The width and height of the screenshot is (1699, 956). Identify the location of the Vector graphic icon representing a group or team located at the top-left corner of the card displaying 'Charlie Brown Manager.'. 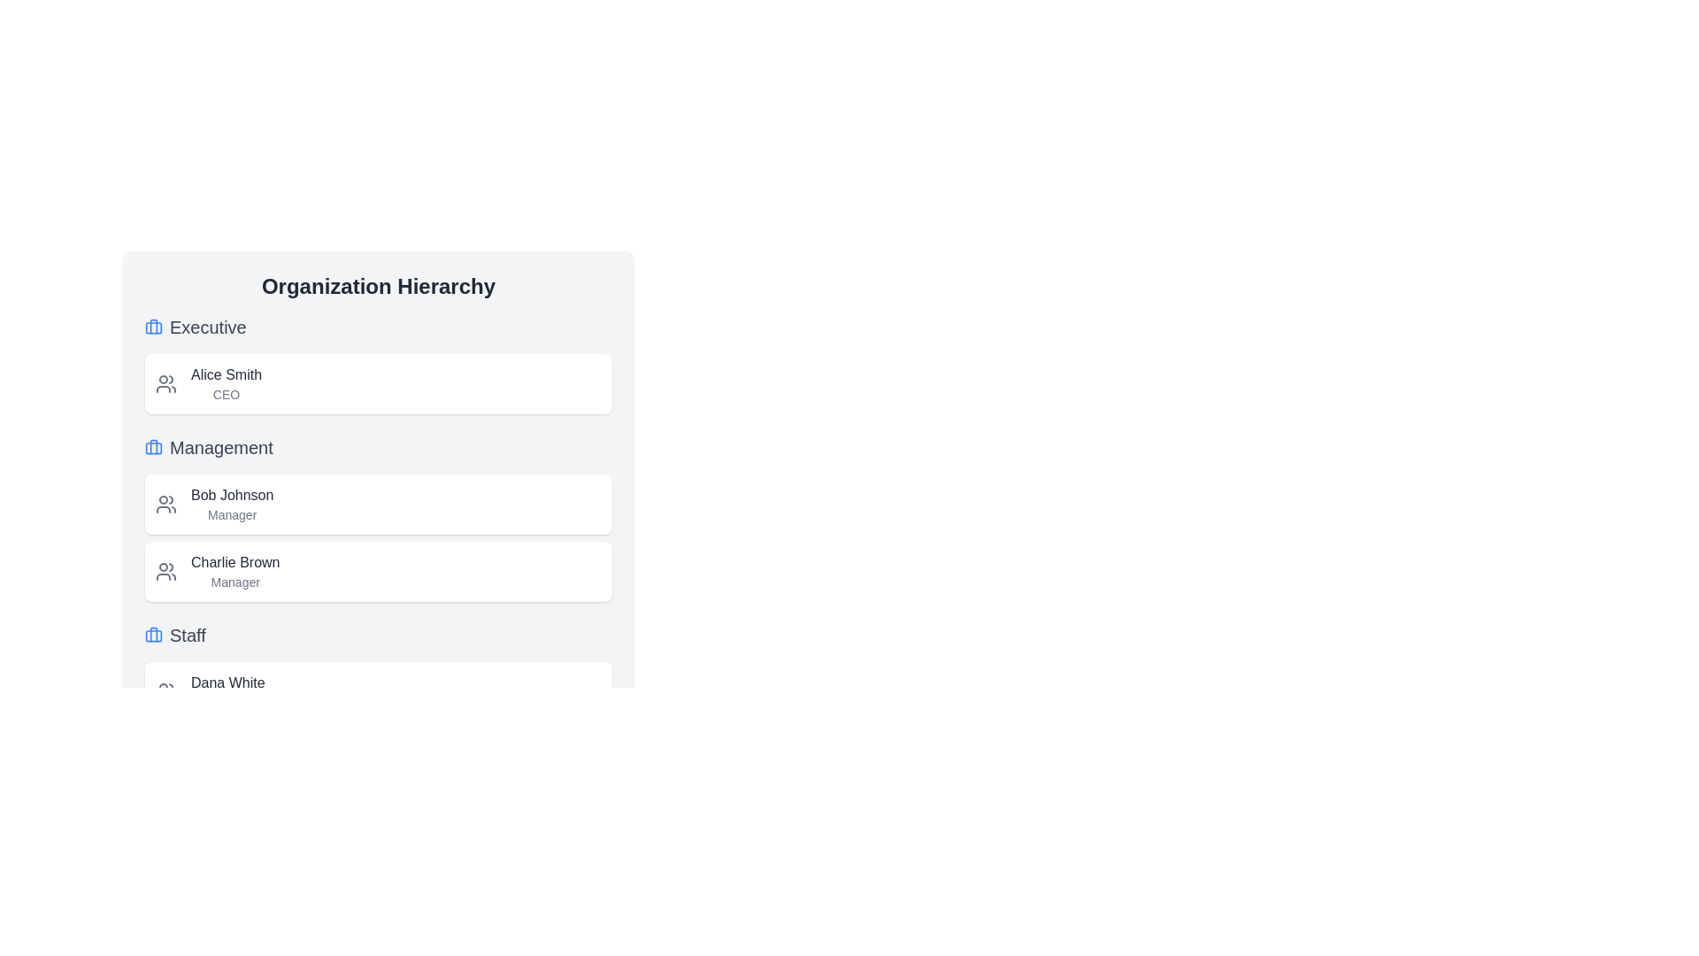
(165, 571).